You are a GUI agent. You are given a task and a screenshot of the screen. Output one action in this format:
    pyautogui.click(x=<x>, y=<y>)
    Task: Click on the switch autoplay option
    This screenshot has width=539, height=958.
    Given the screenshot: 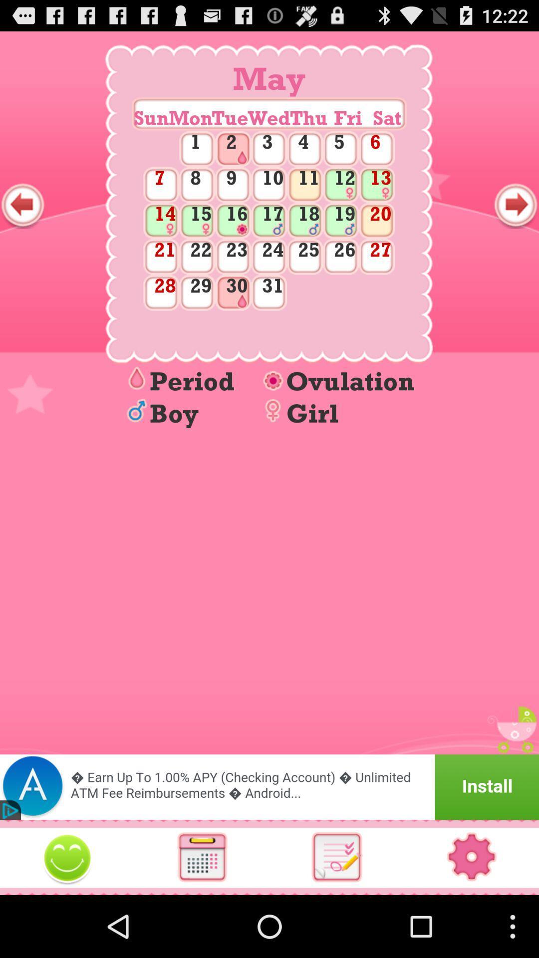 What is the action you would take?
    pyautogui.click(x=337, y=857)
    